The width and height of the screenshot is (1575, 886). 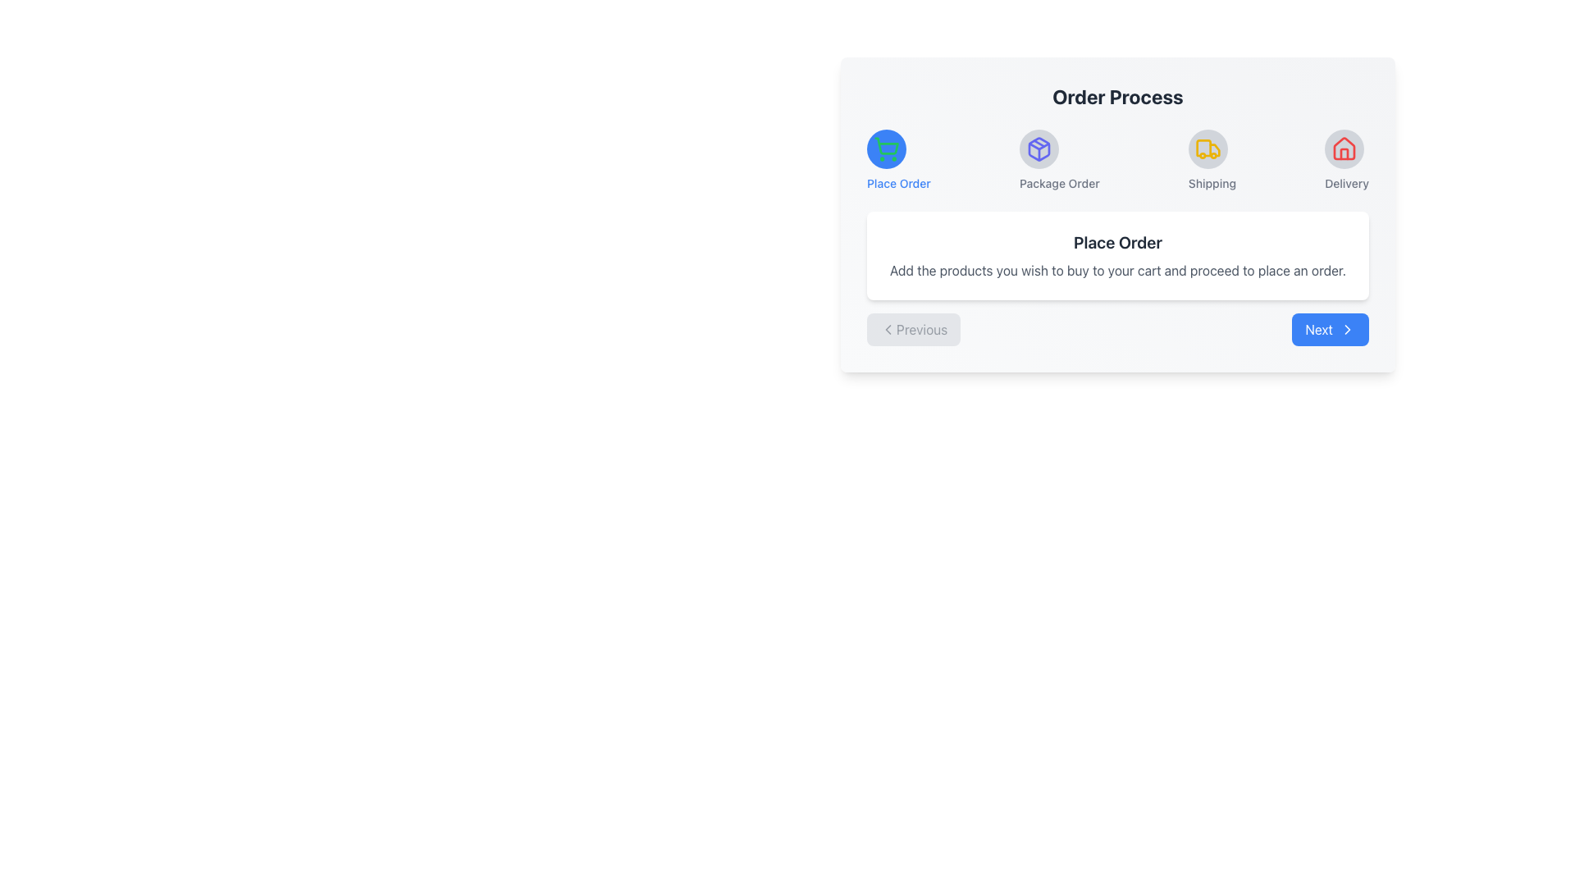 What do you see at coordinates (1344, 148) in the screenshot?
I see `the 'Delivery' button, which is the fourth circular icon in the horizontal sequence above the 'Order Process' text section` at bounding box center [1344, 148].